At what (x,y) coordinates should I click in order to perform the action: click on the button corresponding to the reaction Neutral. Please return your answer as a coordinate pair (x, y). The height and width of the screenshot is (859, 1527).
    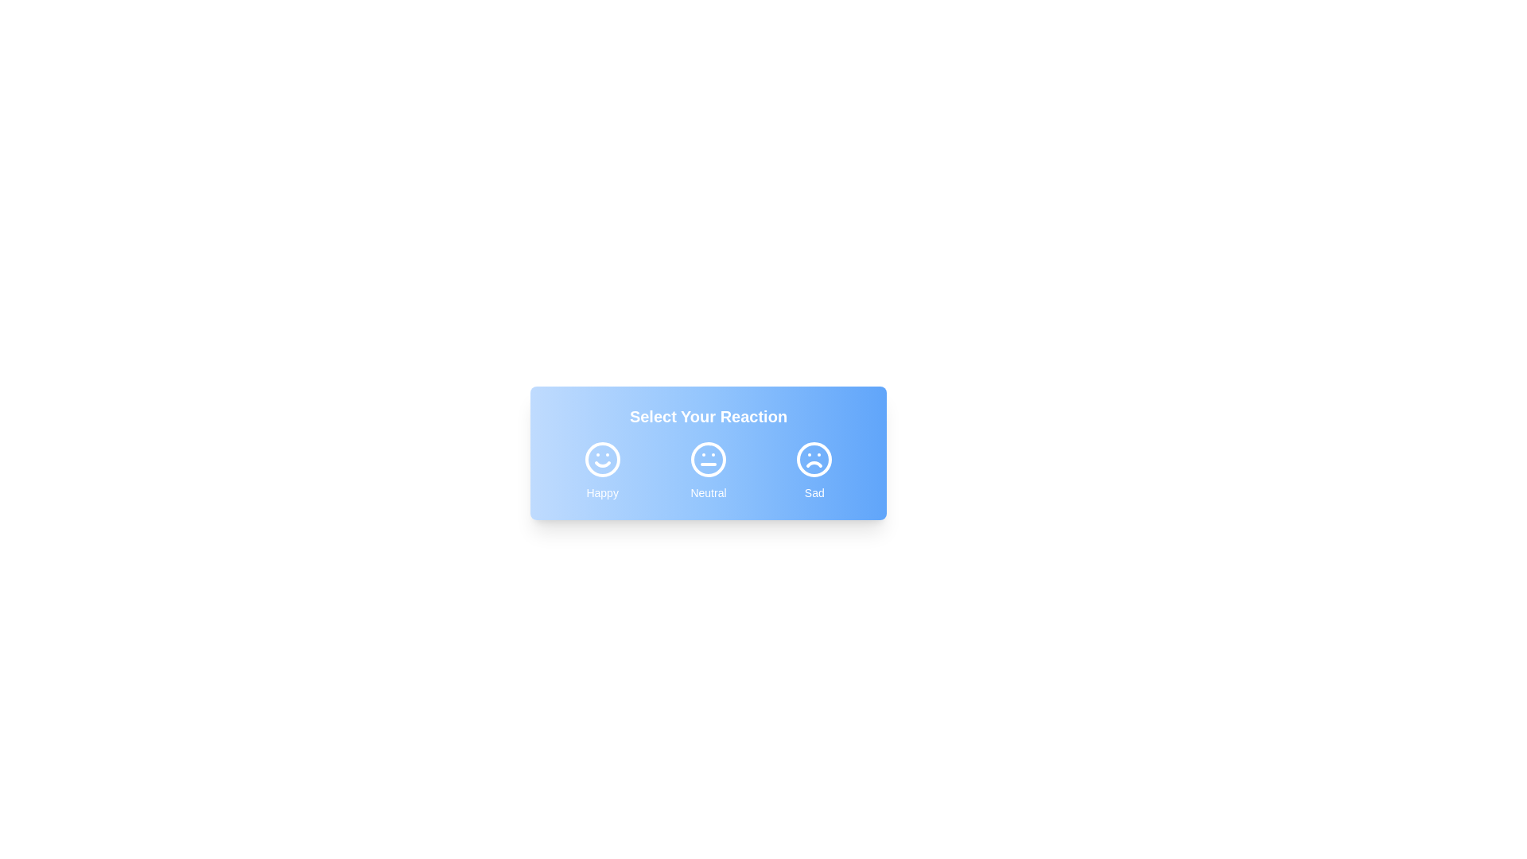
    Looking at the image, I should click on (708, 469).